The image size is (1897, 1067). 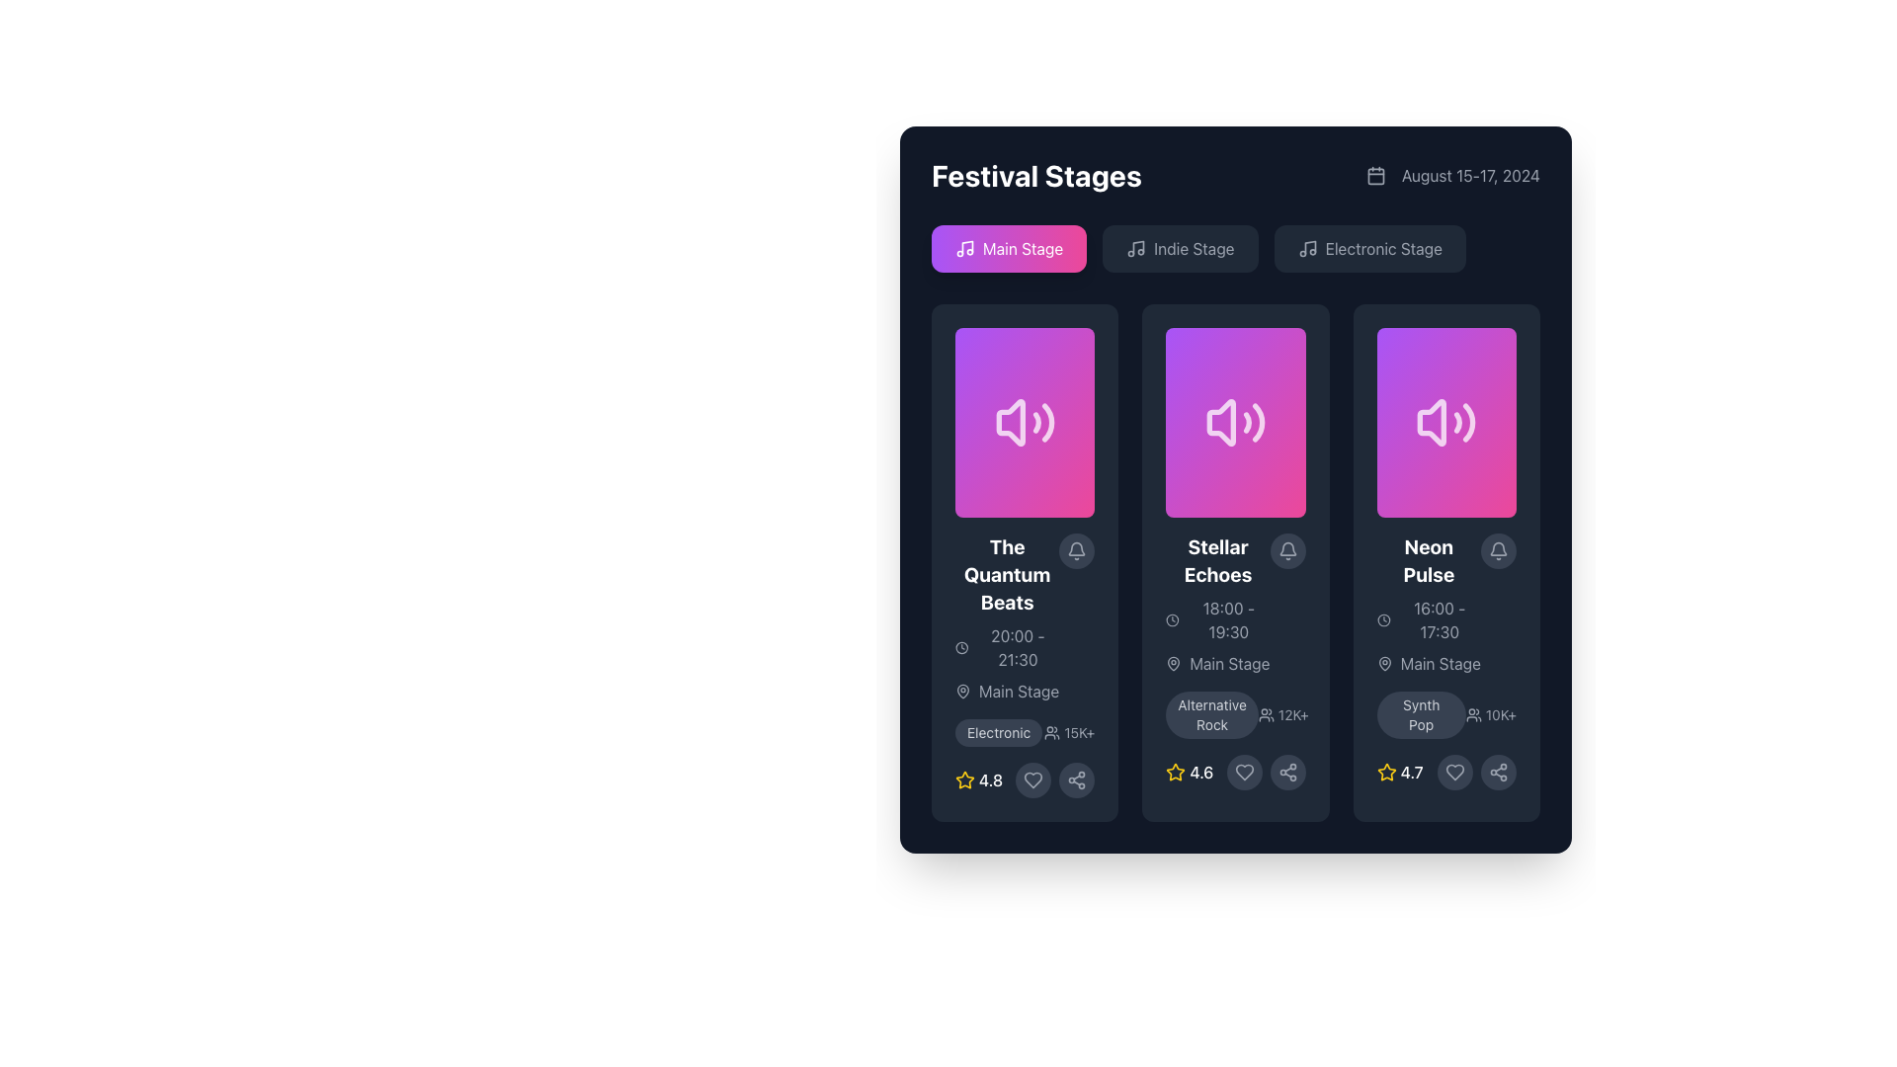 What do you see at coordinates (1235, 772) in the screenshot?
I see `the heart icon button located in the bottom-right area of the 'Stellar Echoes' event card` at bounding box center [1235, 772].